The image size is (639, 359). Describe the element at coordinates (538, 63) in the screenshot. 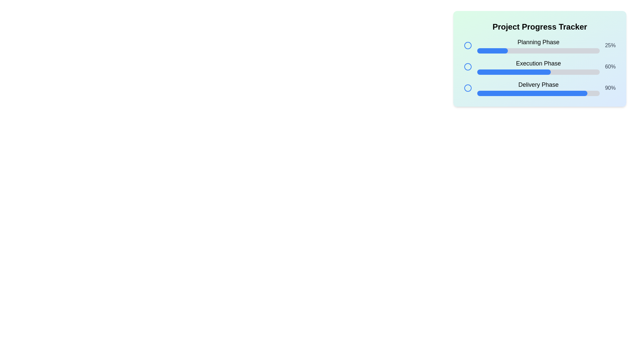

I see `the static text label that displays 'Execution Phase', which is the second label in the 'Project Progress Tracker' component, aligned centrally between a circular checkbox and a value indicator` at that location.